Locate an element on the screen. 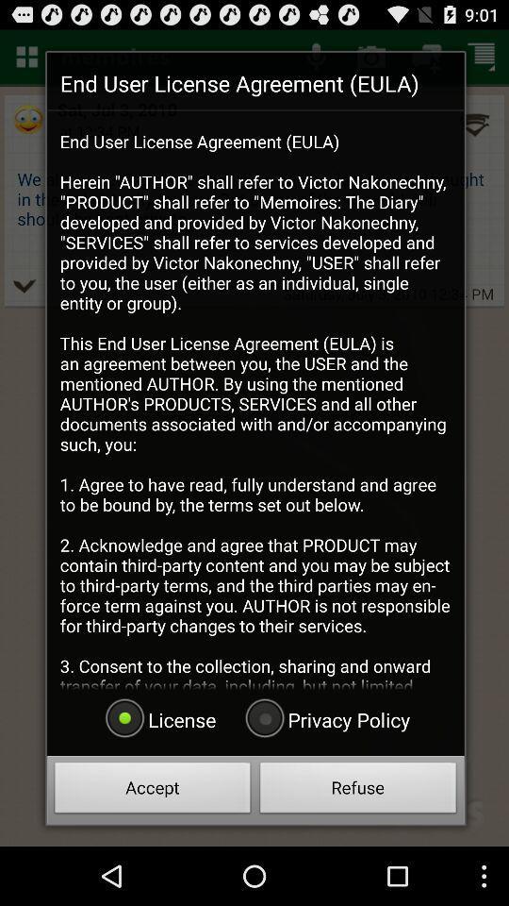 The width and height of the screenshot is (509, 906). button next to the refuse button is located at coordinates (152, 790).